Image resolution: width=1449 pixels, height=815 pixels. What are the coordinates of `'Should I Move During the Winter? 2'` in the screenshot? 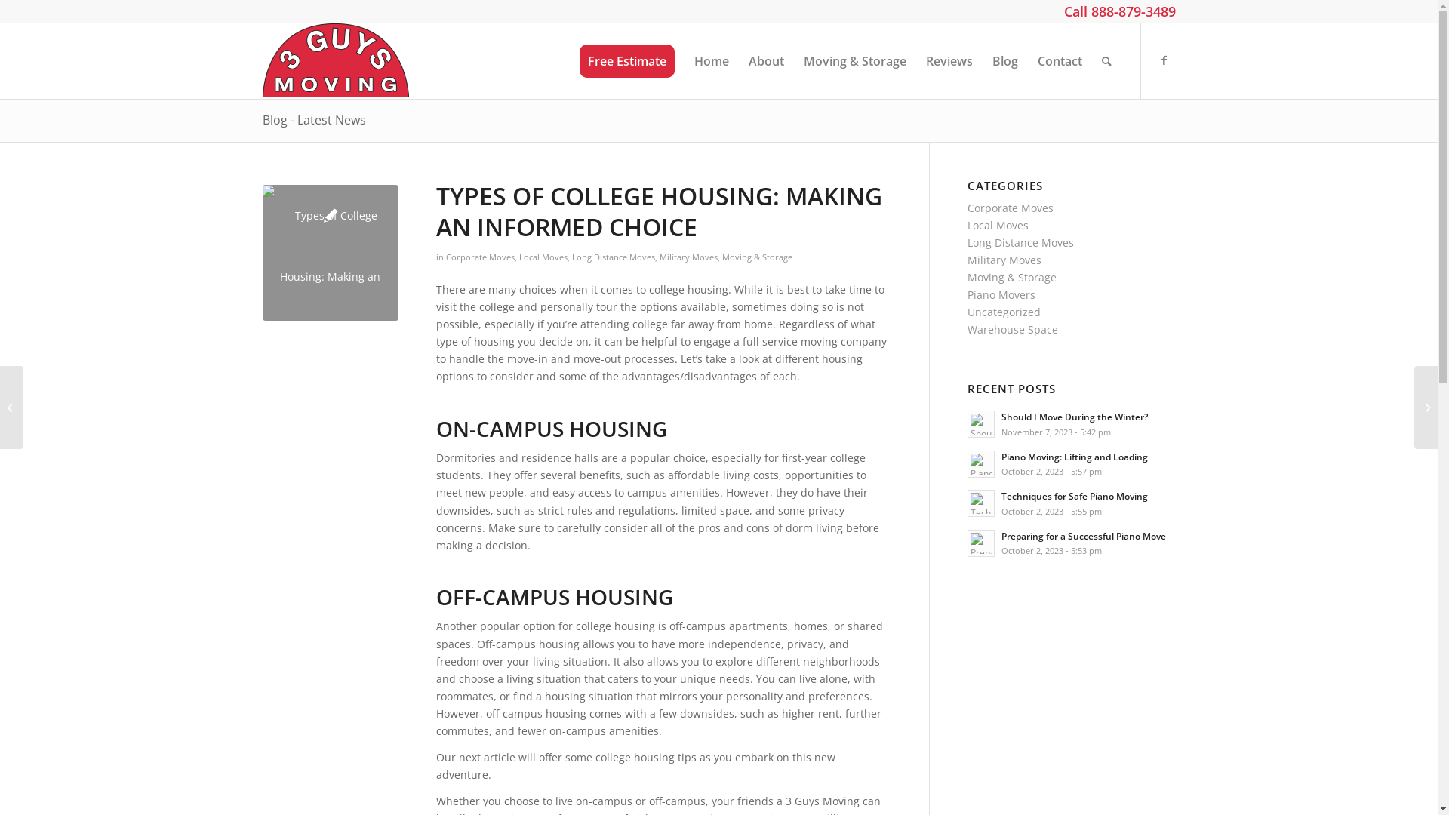 It's located at (971, 424).